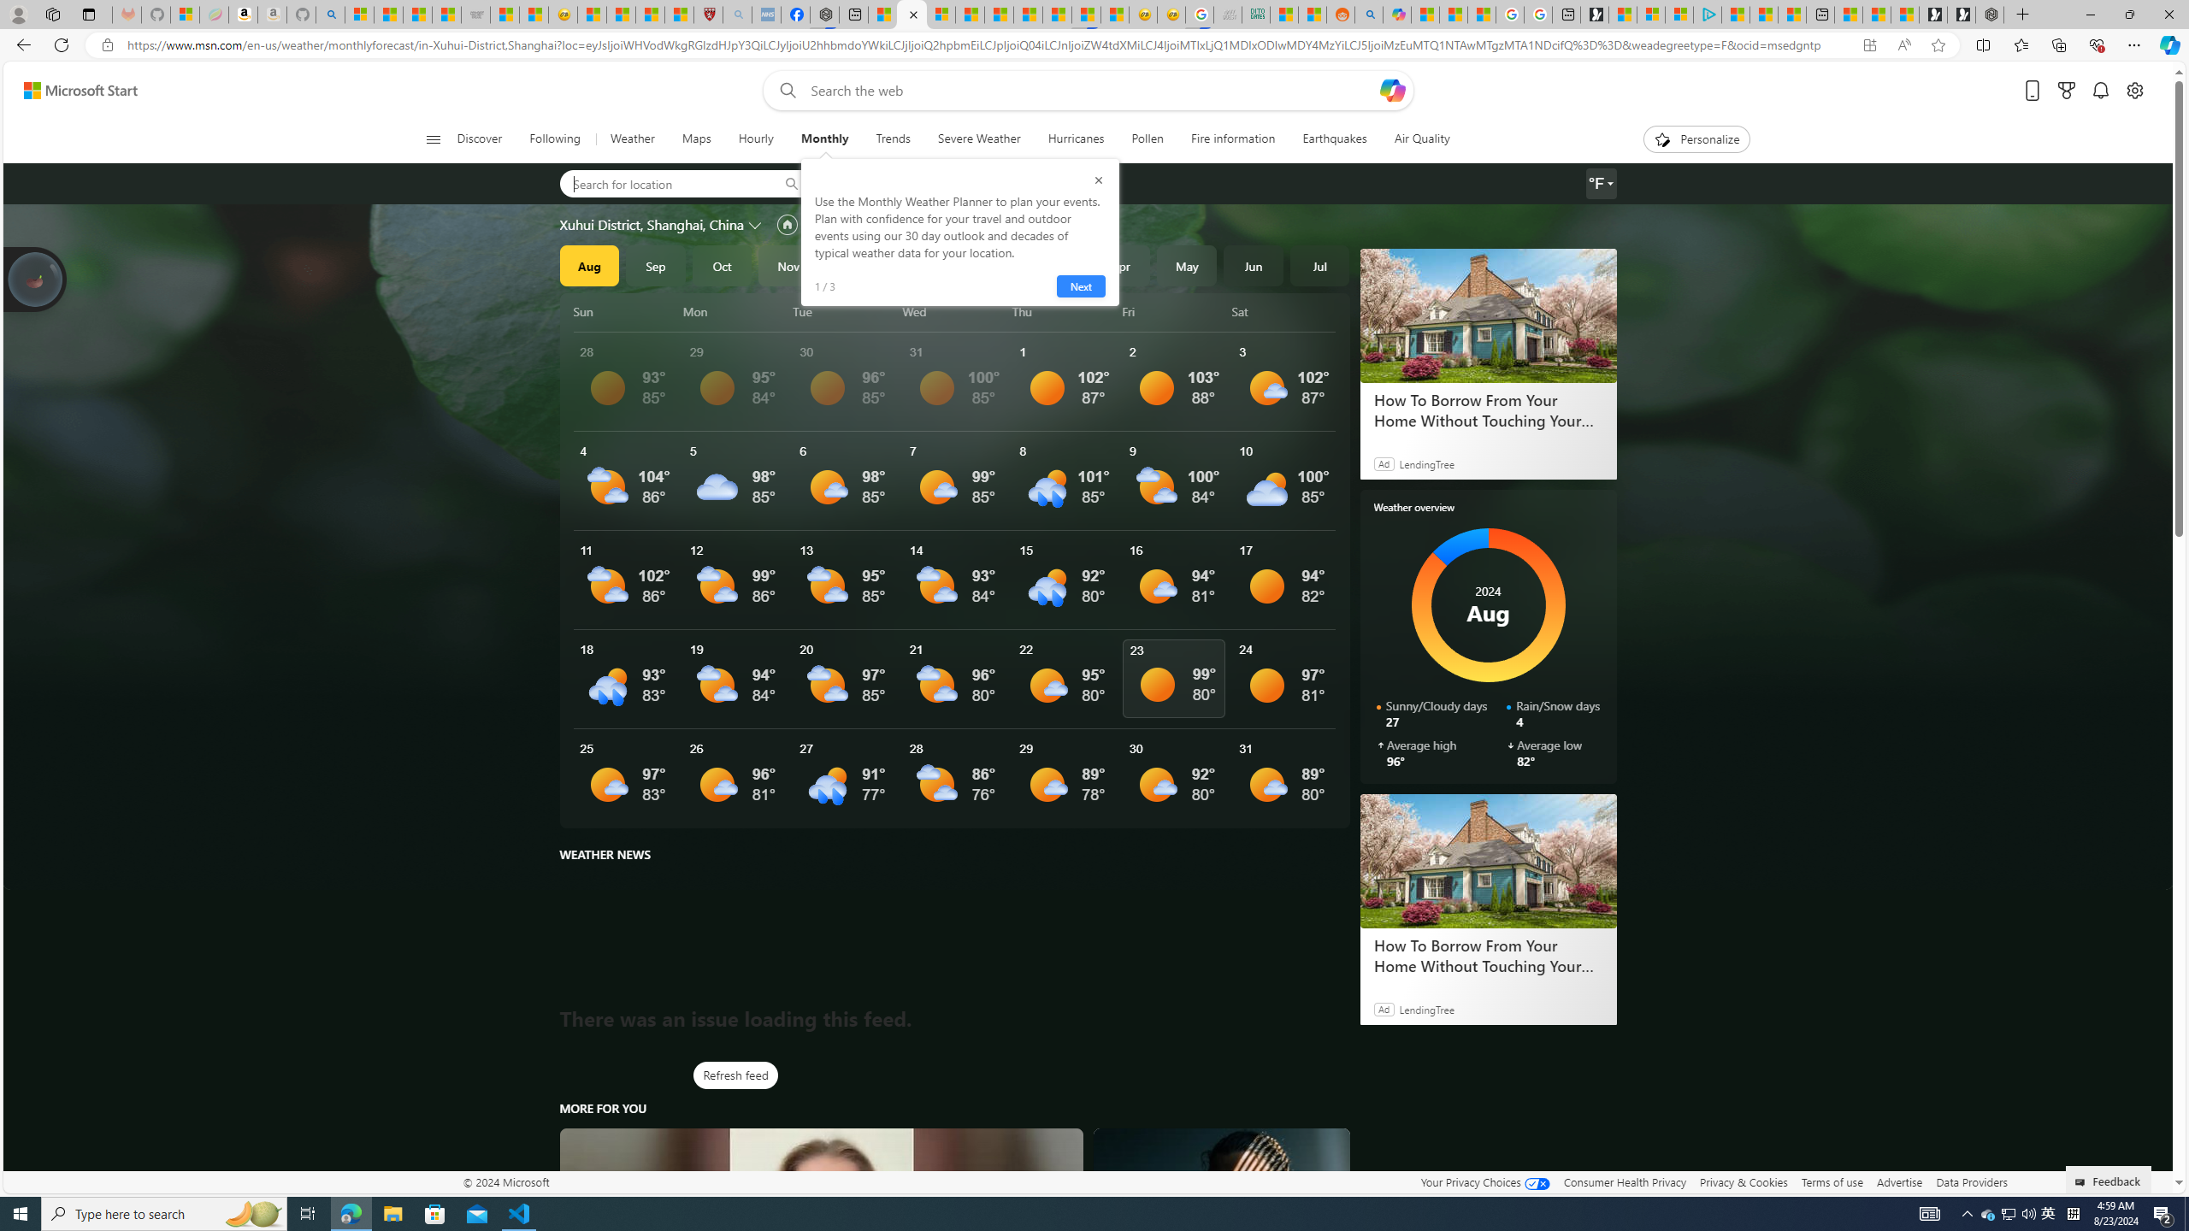 The width and height of the screenshot is (2189, 1231). What do you see at coordinates (35, 278) in the screenshot?
I see `'Join us in planting real trees to help our planet!'` at bounding box center [35, 278].